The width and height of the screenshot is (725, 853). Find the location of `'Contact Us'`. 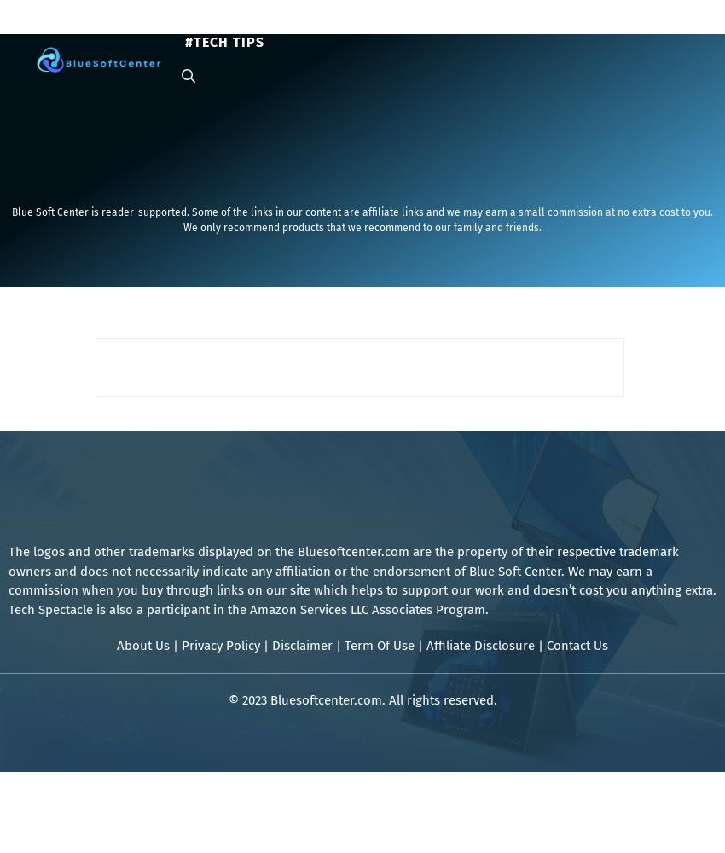

'Contact Us' is located at coordinates (577, 646).